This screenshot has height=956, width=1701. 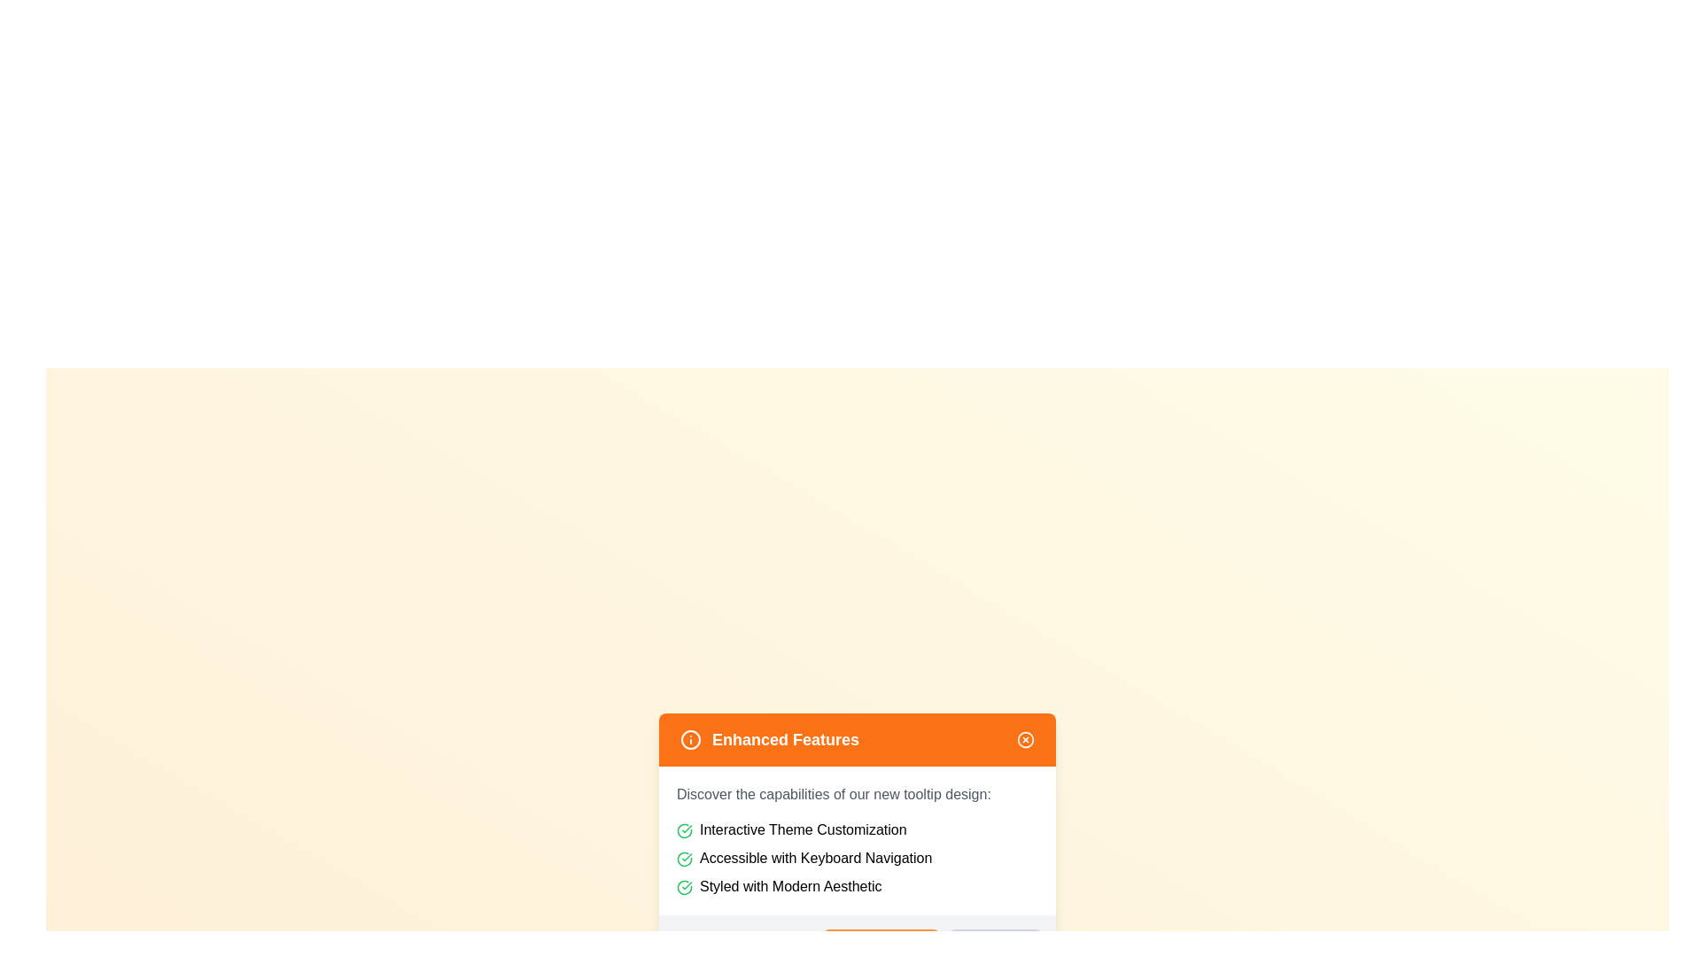 I want to click on the topmost list item containing the green checkmark icon and the text 'Interactive Theme Customization' to interpret the feature description, so click(x=858, y=829).